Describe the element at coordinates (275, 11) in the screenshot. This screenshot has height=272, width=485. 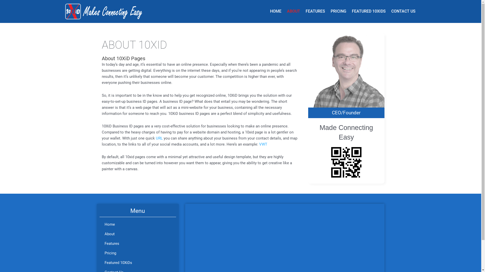
I see `'HOME'` at that location.